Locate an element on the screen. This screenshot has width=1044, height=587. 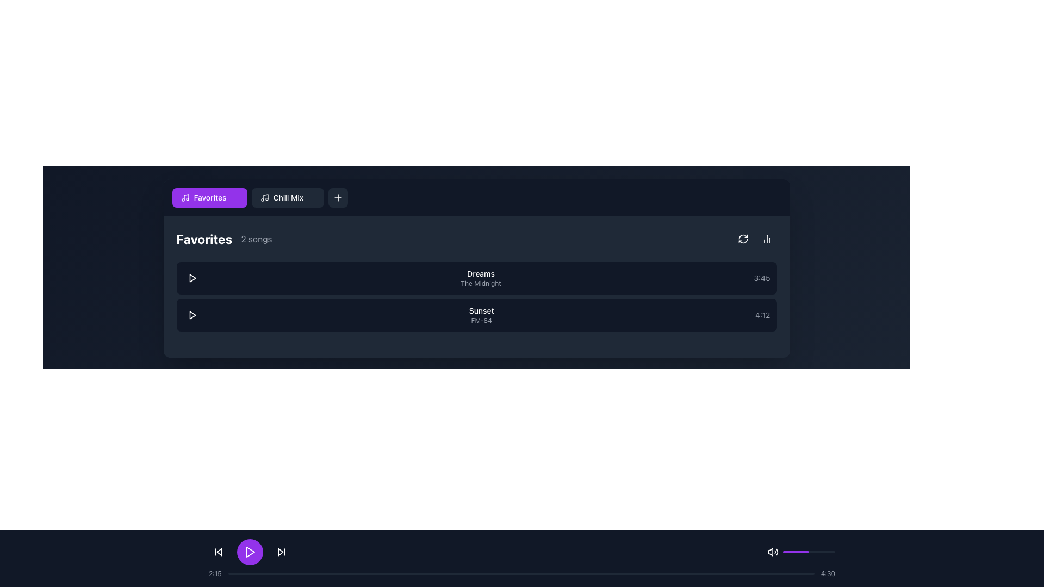
the speaker icon with sound waves is located at coordinates (772, 552).